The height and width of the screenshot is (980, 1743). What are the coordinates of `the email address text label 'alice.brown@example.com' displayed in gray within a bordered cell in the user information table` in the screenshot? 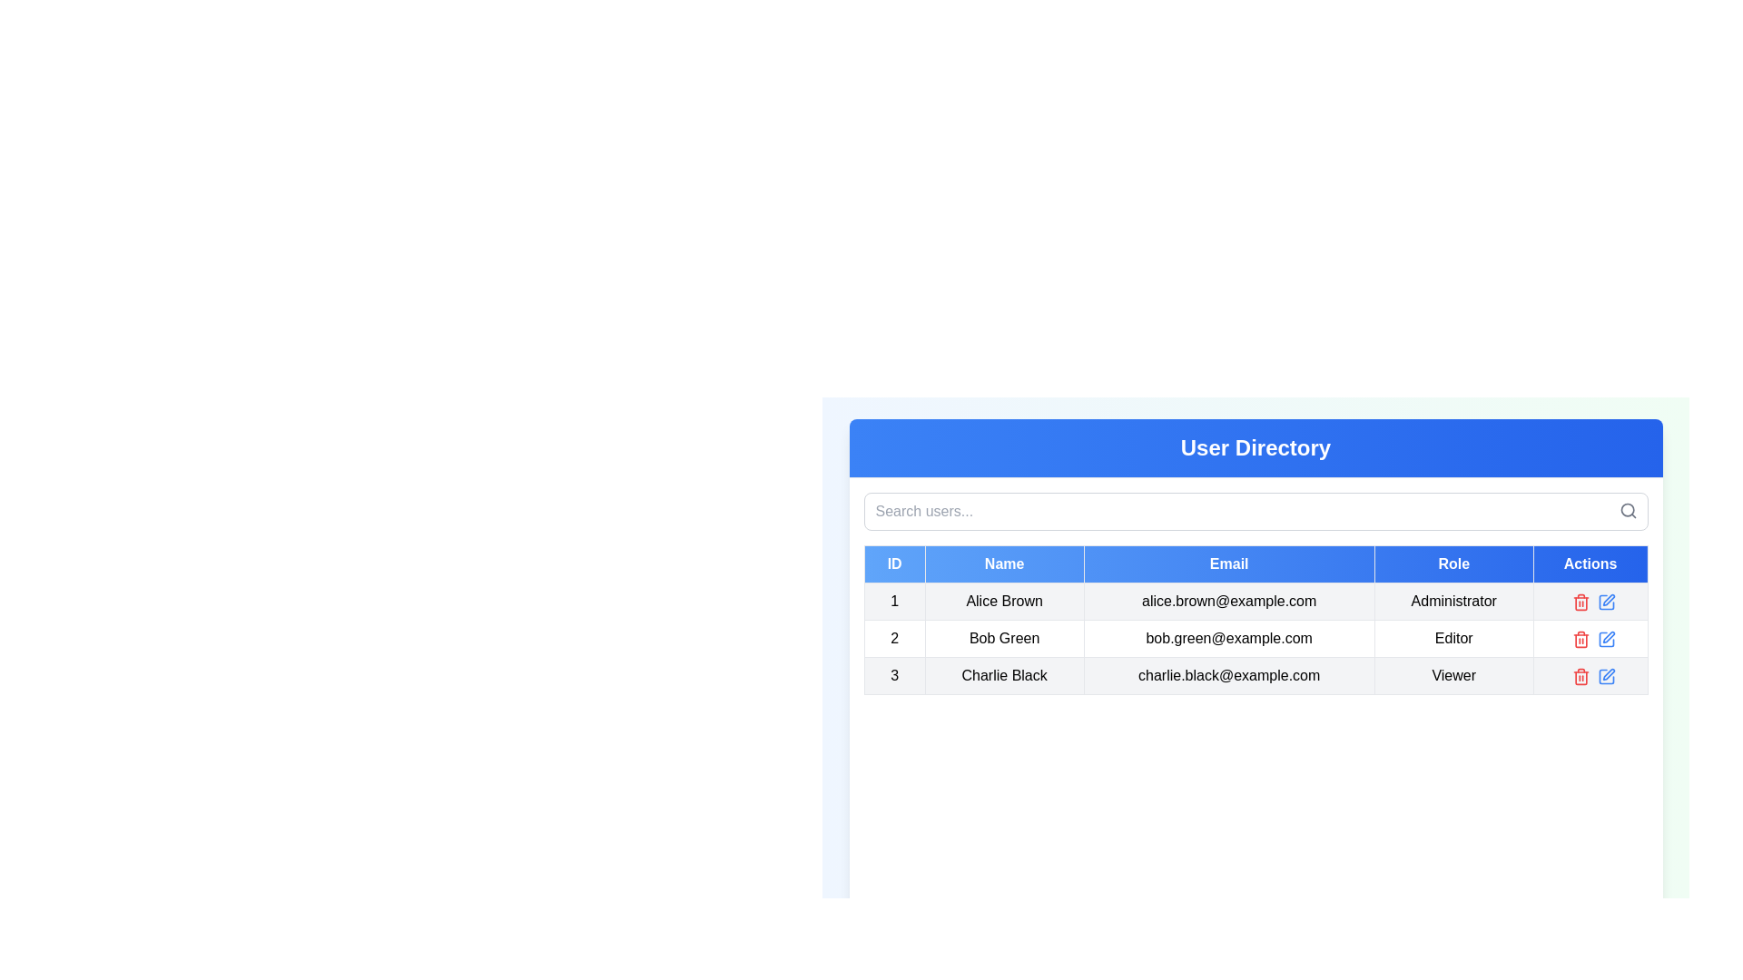 It's located at (1229, 602).